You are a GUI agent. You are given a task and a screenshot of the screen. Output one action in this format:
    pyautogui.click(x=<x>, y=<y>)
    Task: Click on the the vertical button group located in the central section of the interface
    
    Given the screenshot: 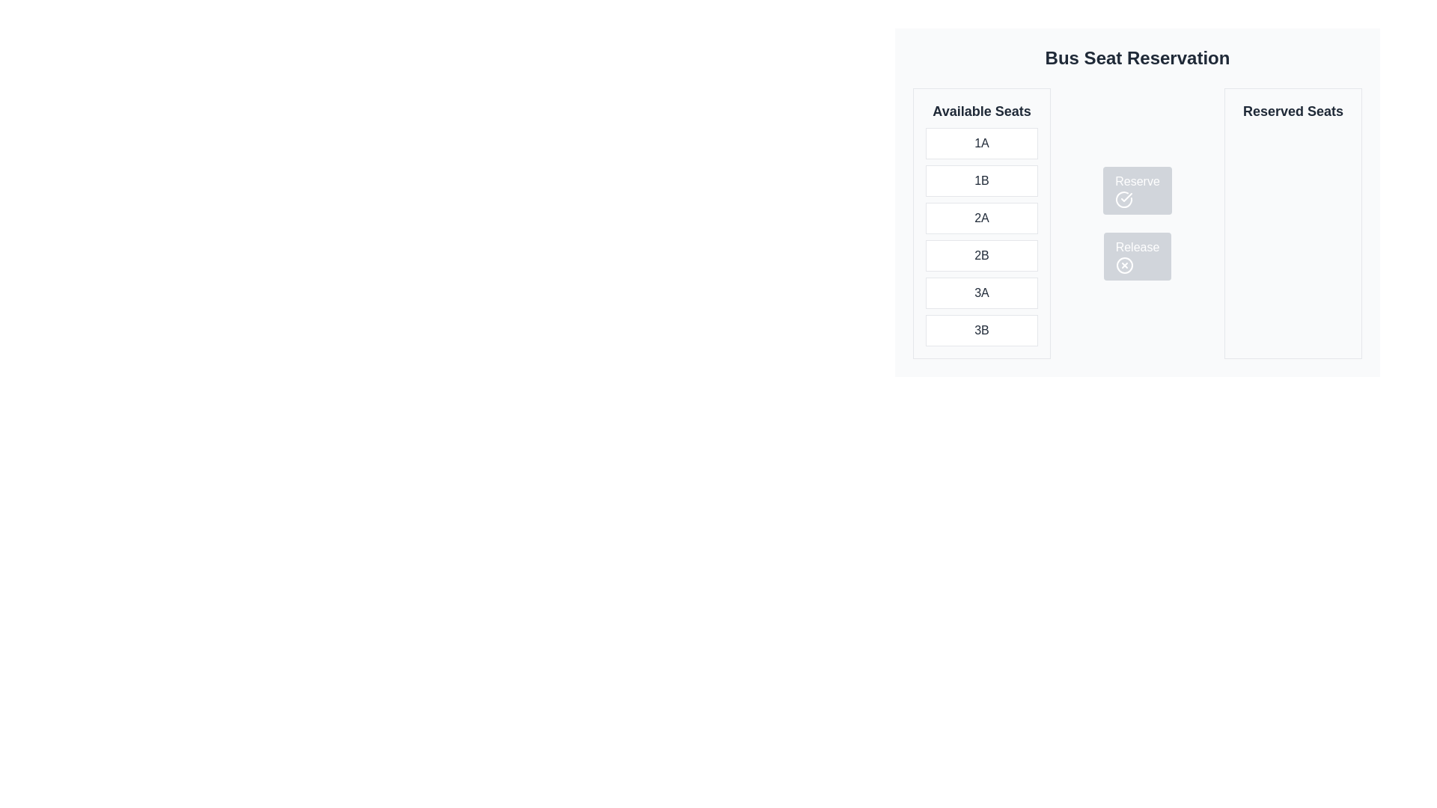 What is the action you would take?
    pyautogui.click(x=1138, y=224)
    